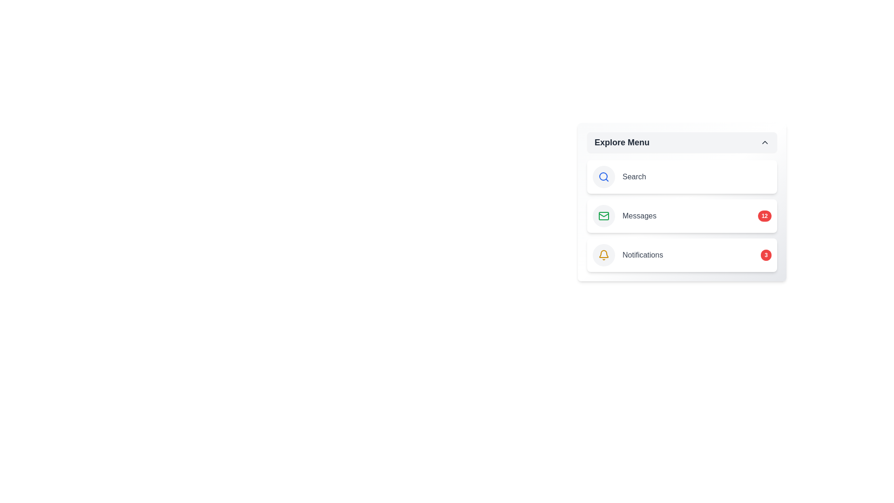 The width and height of the screenshot is (894, 503). Describe the element at coordinates (682, 177) in the screenshot. I see `the 'Search' menu item` at that location.